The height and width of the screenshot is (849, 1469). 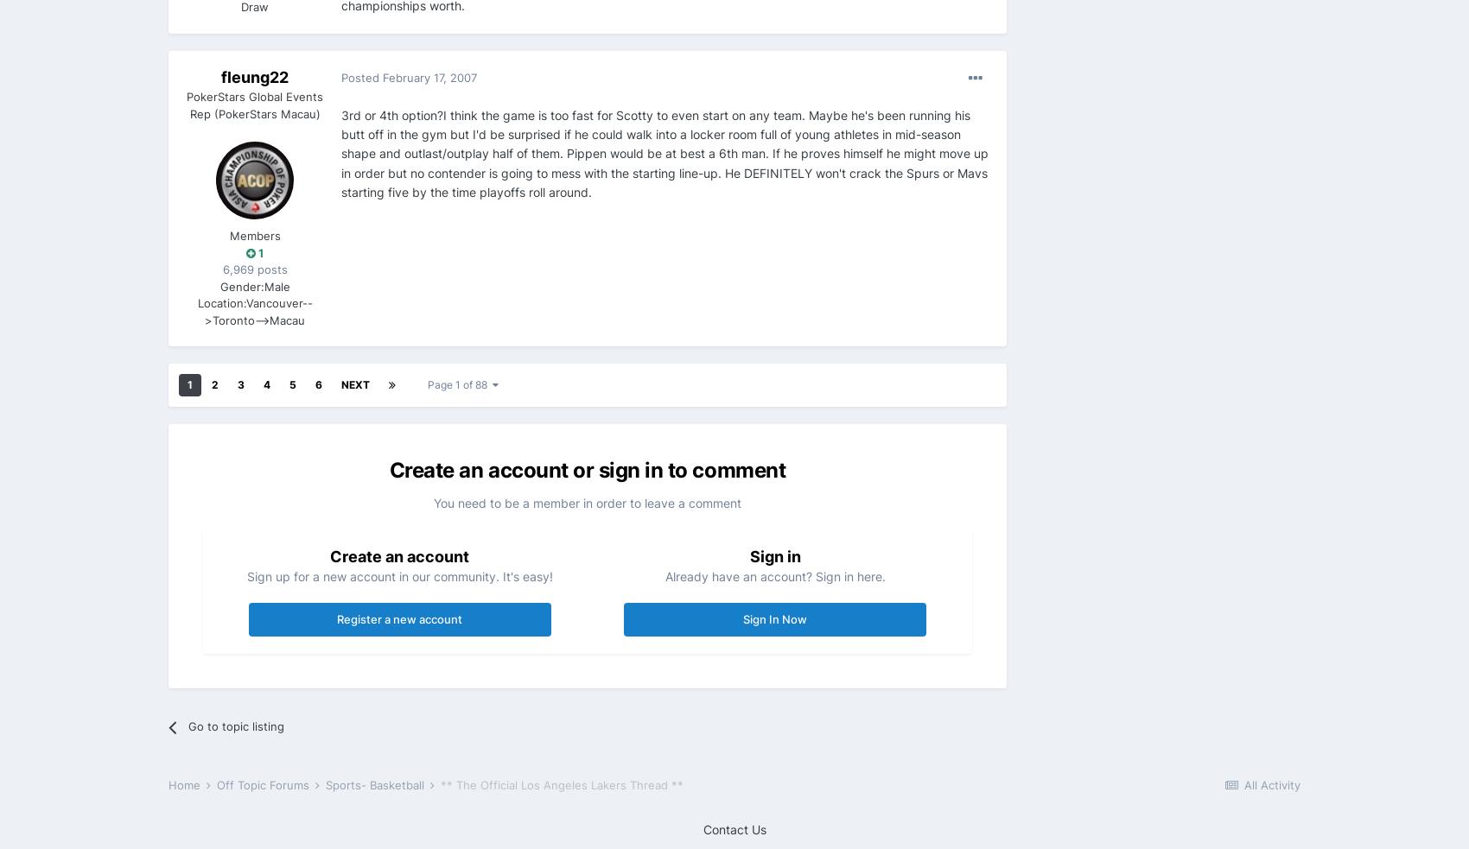 I want to click on '3', so click(x=240, y=383).